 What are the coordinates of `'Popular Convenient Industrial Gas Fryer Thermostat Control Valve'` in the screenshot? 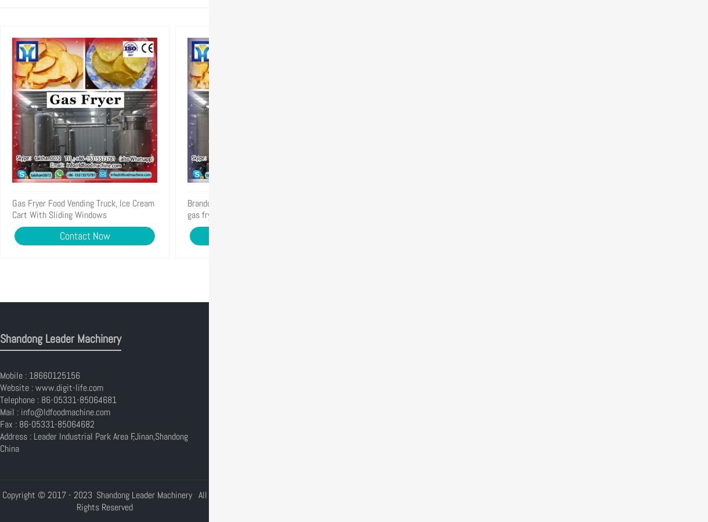 It's located at (363, 209).